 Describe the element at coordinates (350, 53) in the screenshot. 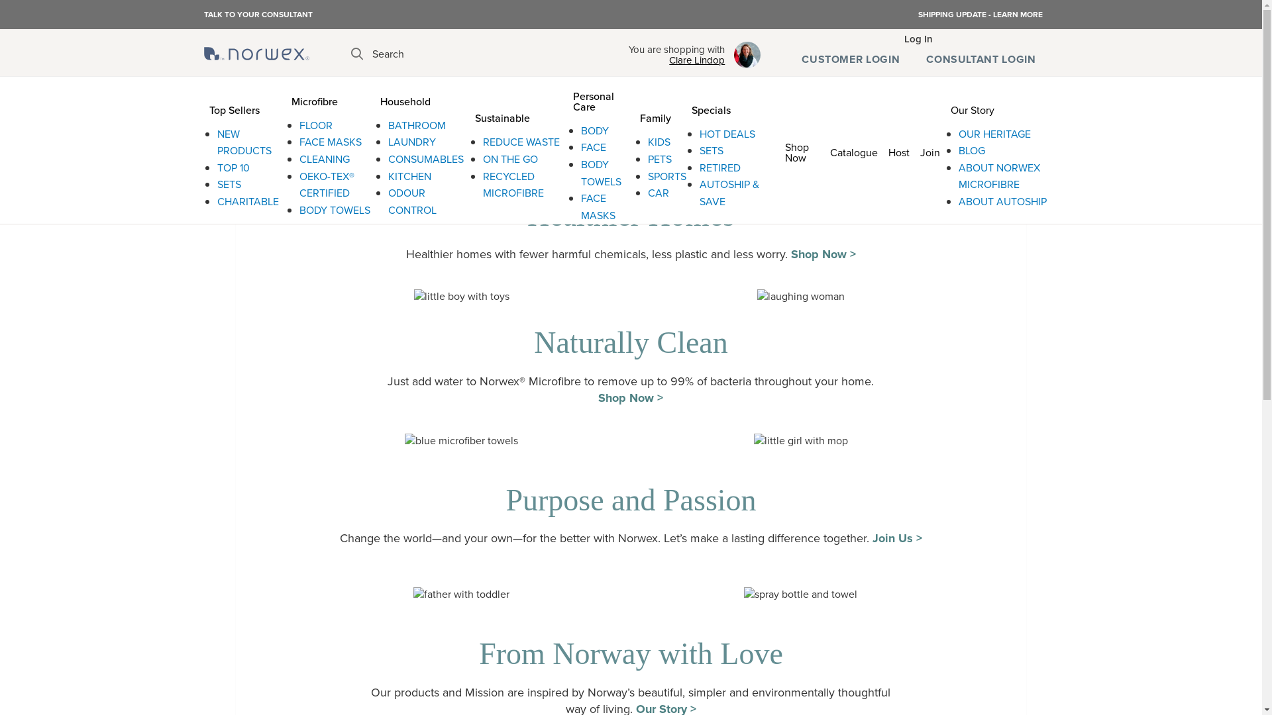

I see `'Search'` at that location.